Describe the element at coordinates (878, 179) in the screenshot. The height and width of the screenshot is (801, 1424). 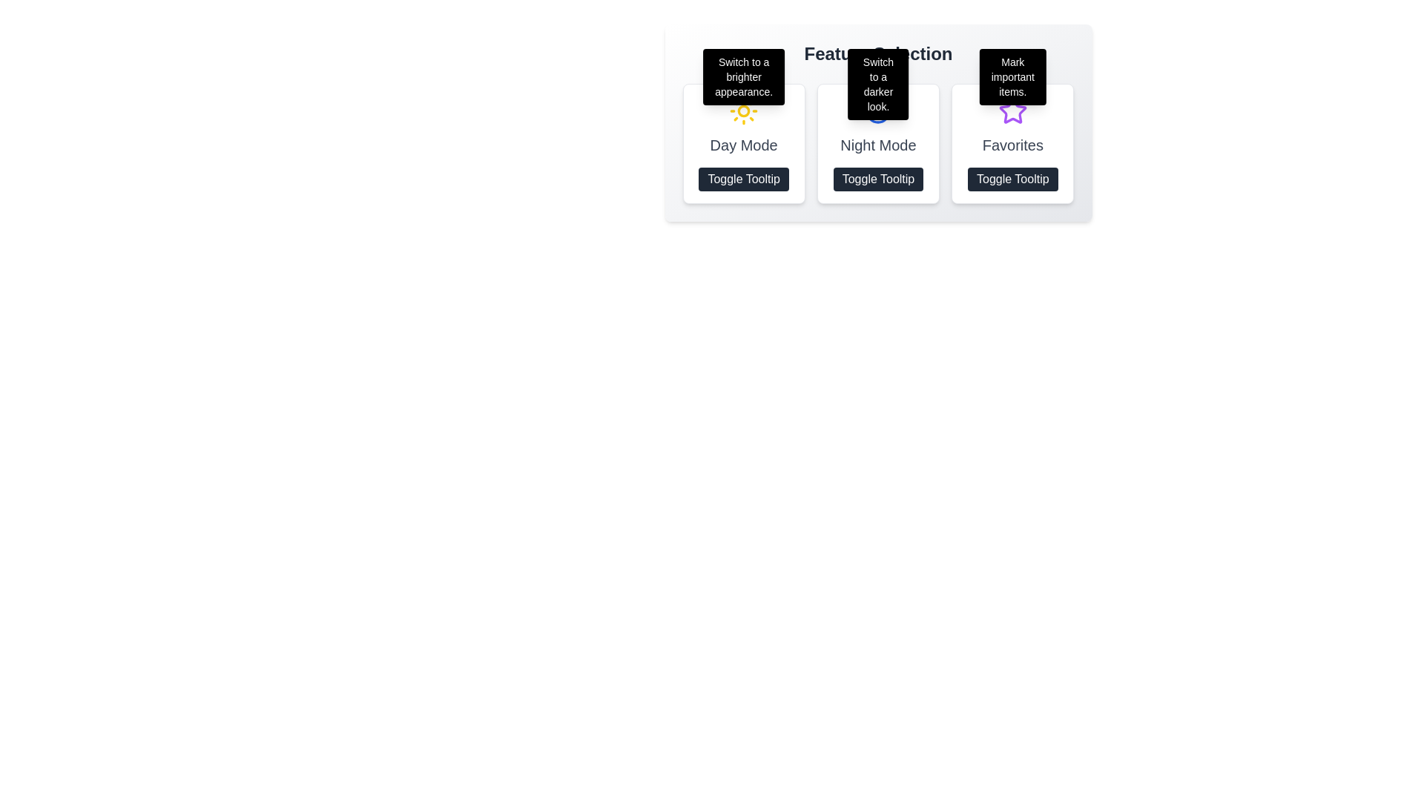
I see `the 'Toggle Tooltip' button to observe its hover effect, which changes the background color to a lighter shade of gray` at that location.